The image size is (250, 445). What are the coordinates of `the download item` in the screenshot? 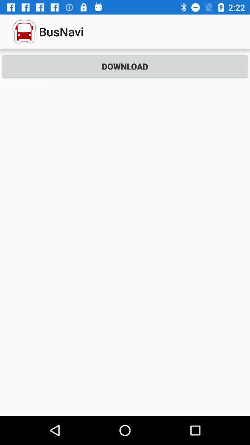 It's located at (125, 66).